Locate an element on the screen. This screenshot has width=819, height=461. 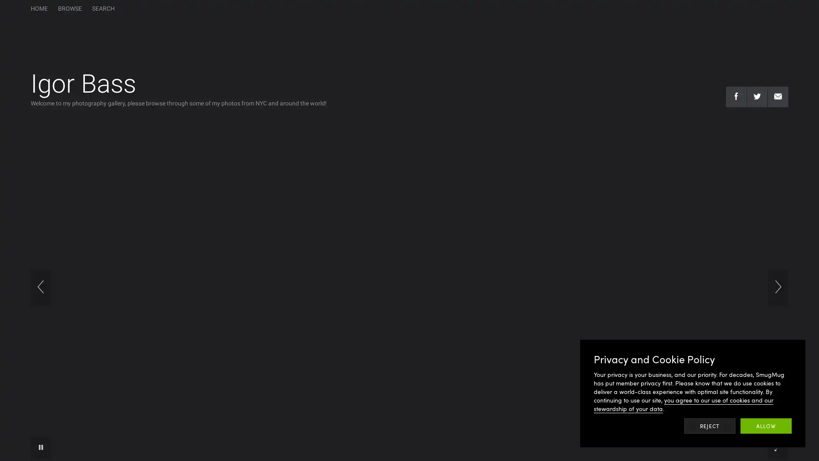
REJECT is located at coordinates (710, 426).